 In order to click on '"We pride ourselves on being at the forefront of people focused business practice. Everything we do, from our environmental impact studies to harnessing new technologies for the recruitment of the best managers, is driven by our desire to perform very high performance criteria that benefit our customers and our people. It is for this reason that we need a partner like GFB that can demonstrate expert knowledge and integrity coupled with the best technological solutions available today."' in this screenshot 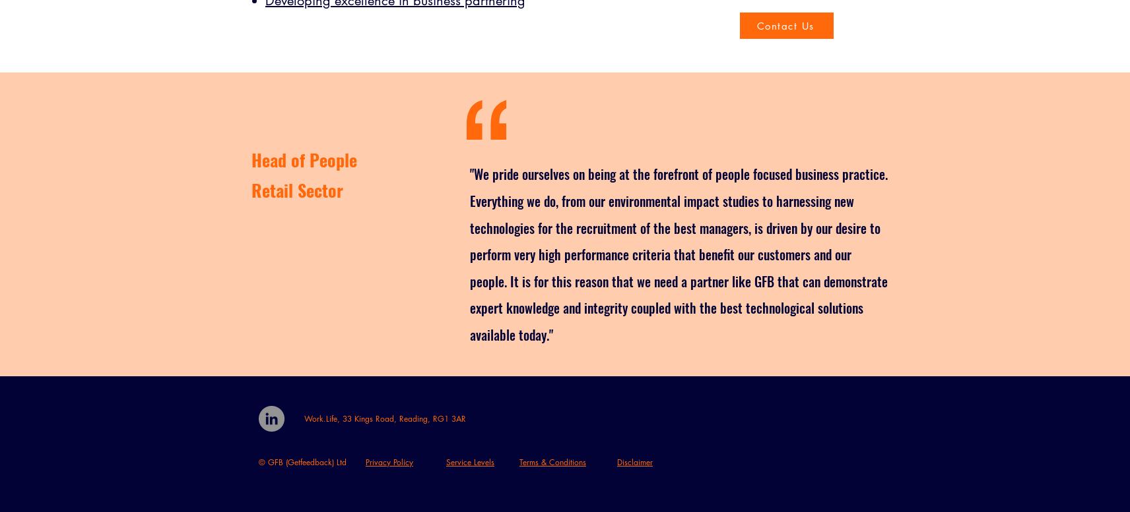, I will do `click(678, 254)`.